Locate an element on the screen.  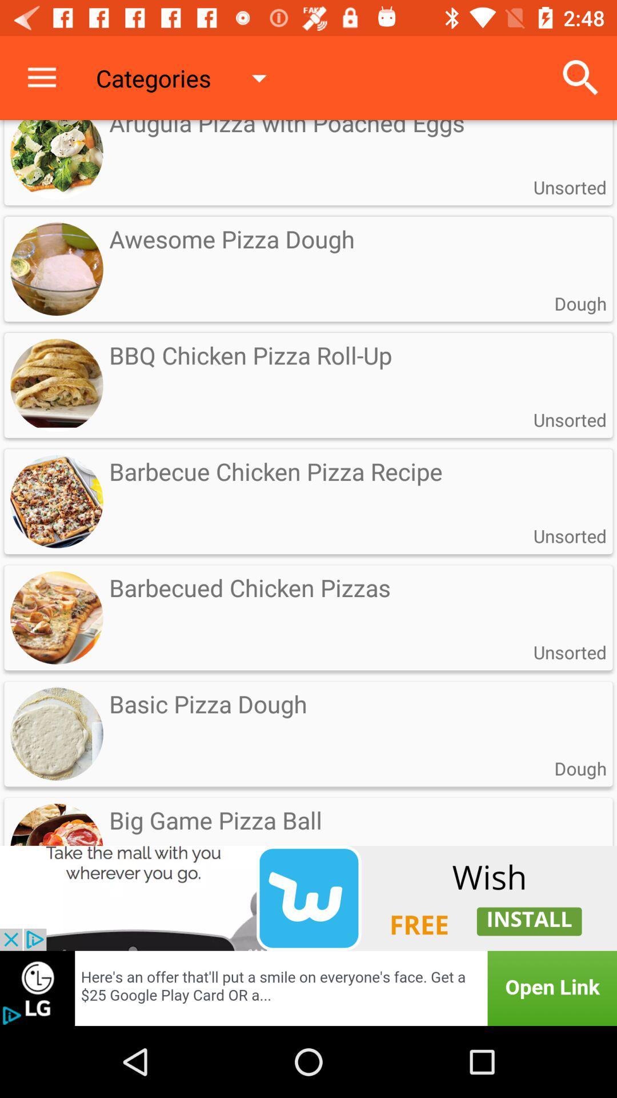
the option is located at coordinates (308, 988).